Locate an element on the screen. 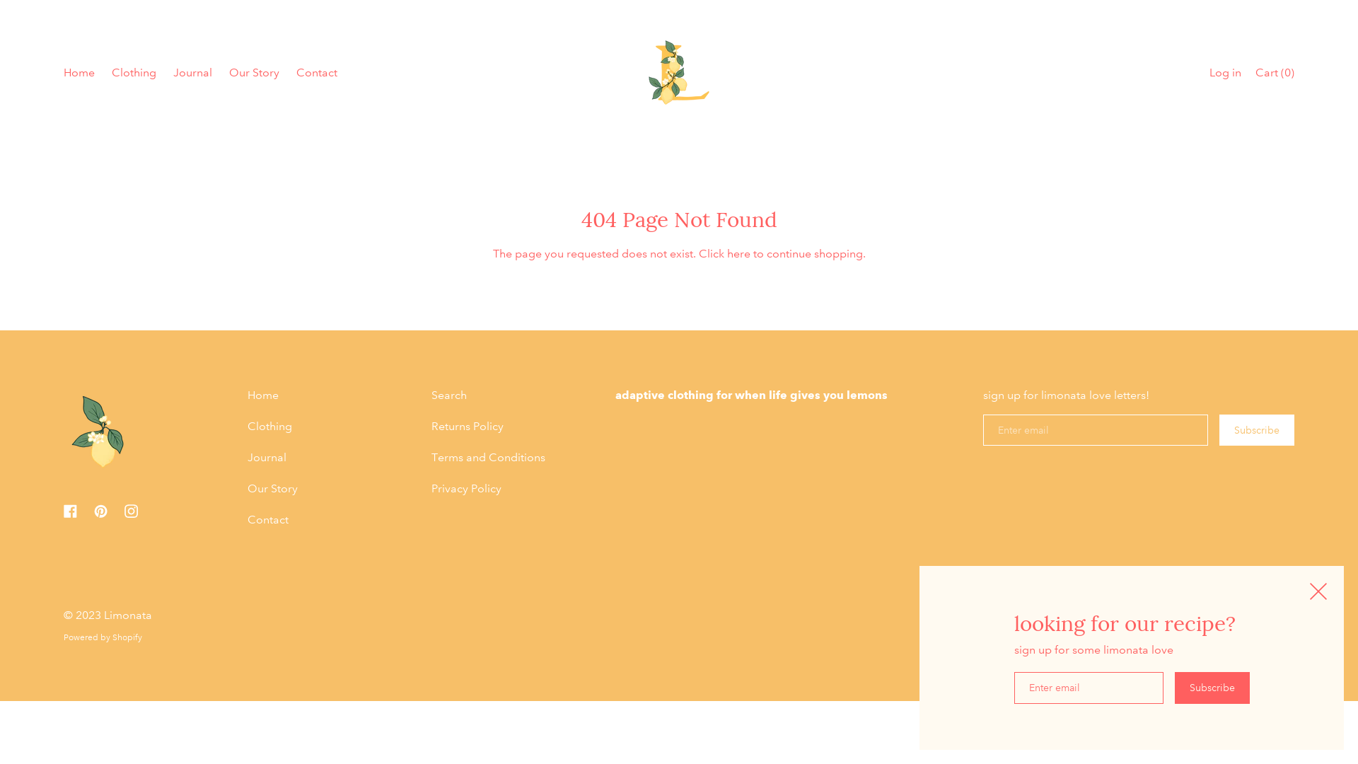 The image size is (1358, 764). 'Terms and Conditions' is located at coordinates (488, 458).